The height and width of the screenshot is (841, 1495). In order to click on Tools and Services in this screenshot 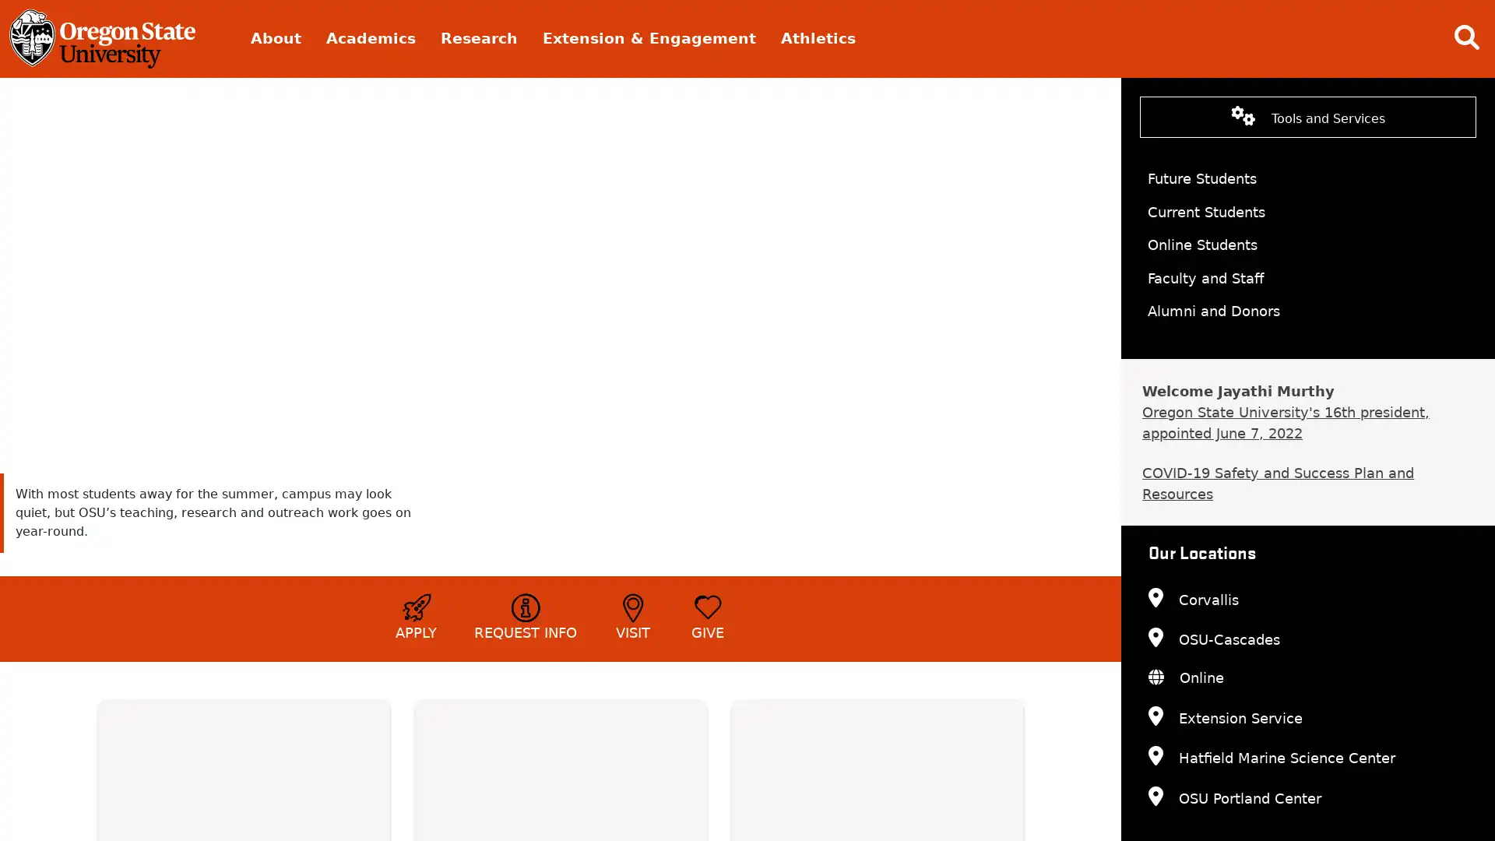, I will do `click(1308, 116)`.